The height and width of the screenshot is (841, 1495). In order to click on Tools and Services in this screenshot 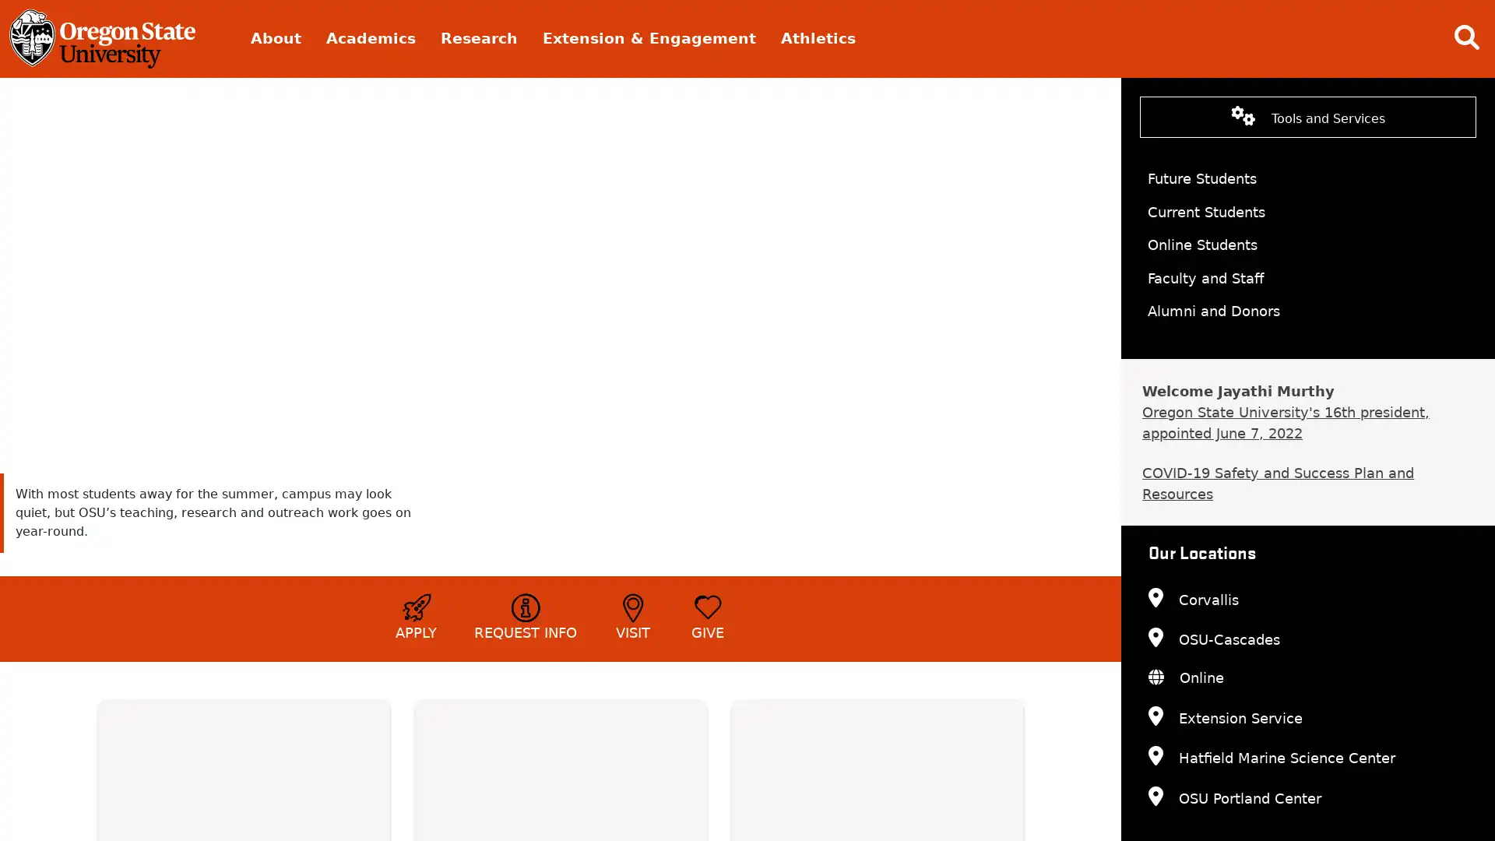, I will do `click(1308, 116)`.